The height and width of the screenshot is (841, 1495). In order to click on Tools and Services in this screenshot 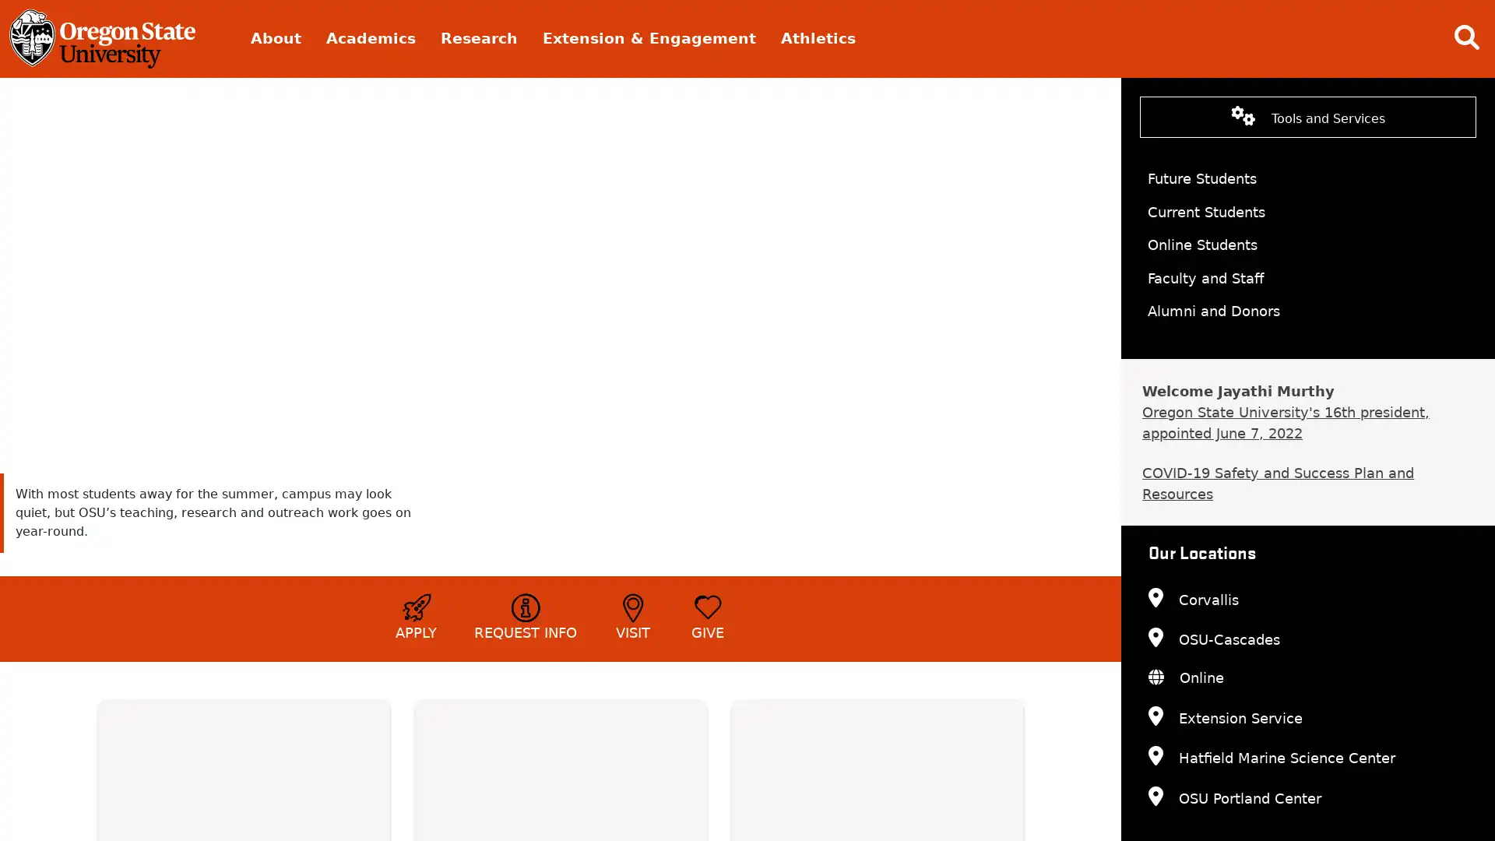, I will do `click(1308, 116)`.